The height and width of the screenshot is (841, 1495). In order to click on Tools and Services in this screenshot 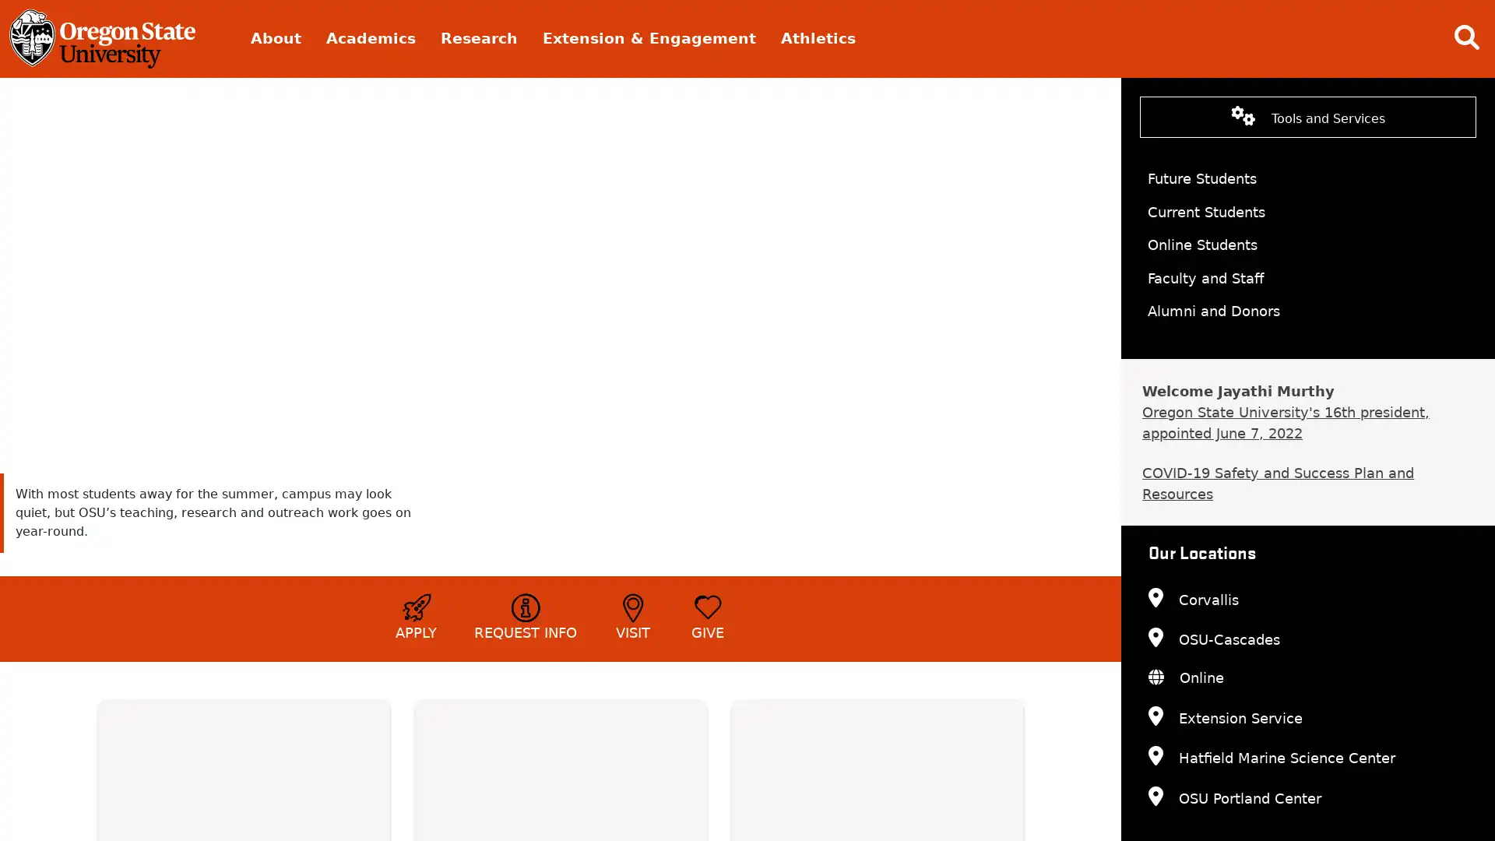, I will do `click(1308, 116)`.